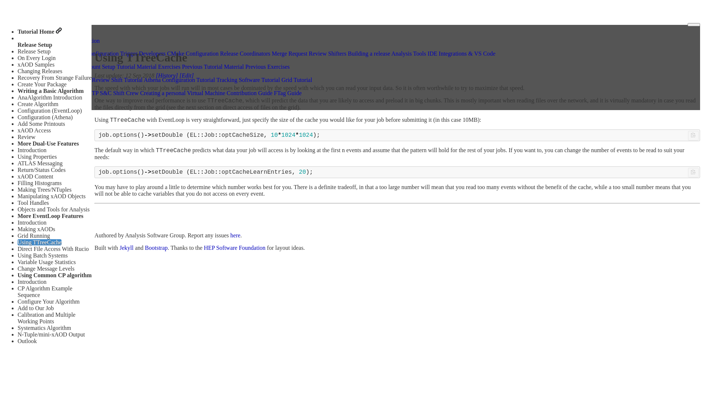 The height and width of the screenshot is (395, 703). What do you see at coordinates (40, 163) in the screenshot?
I see `'ATLAS Messaging'` at bounding box center [40, 163].